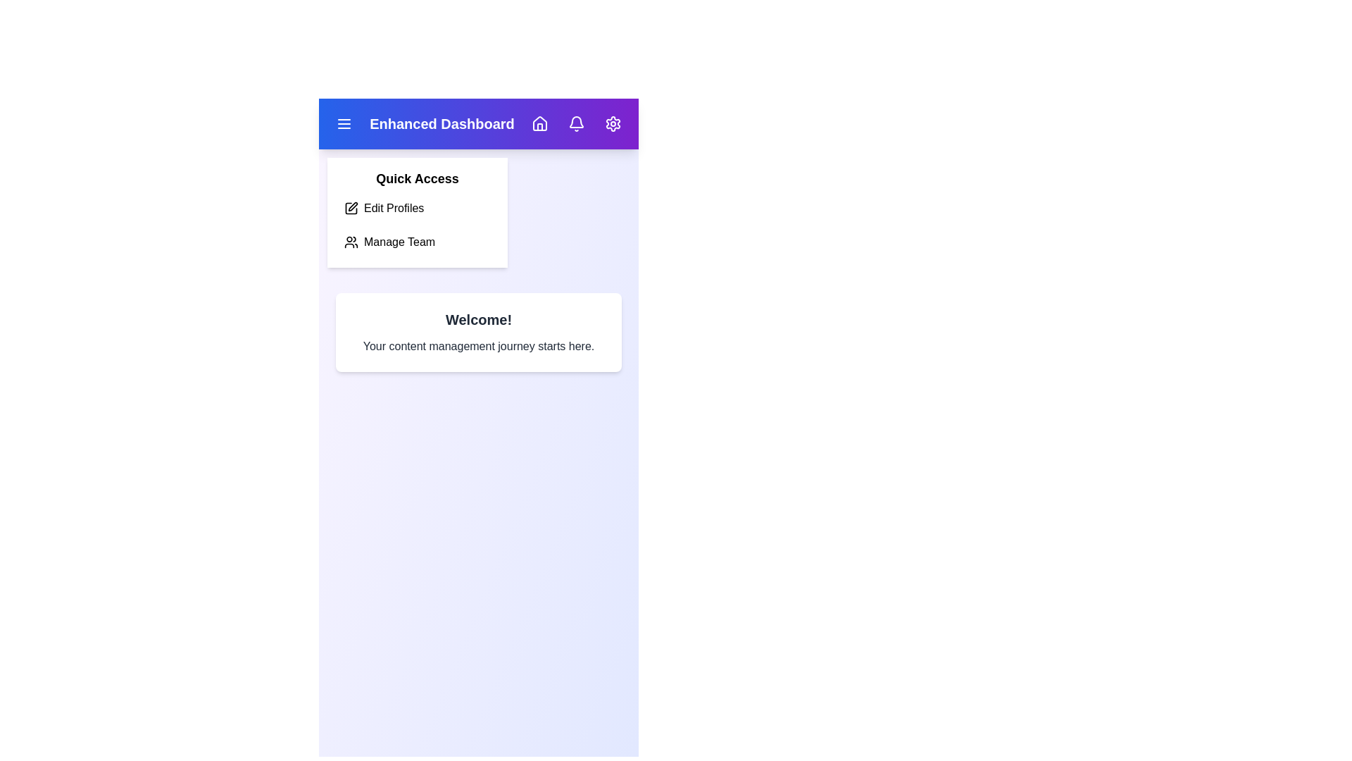  What do you see at coordinates (417, 209) in the screenshot?
I see `the 'Edit Profiles' option in the Quick Access menu` at bounding box center [417, 209].